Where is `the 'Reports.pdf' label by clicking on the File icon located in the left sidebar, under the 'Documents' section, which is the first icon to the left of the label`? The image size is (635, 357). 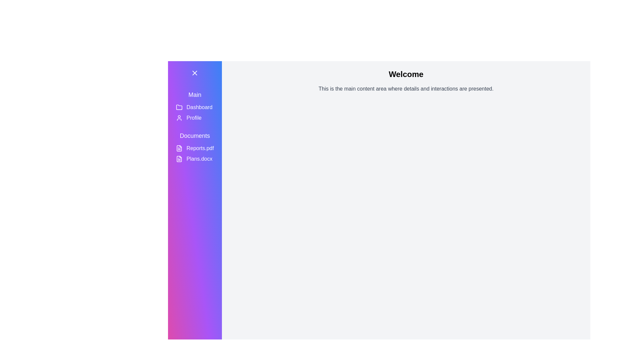 the 'Reports.pdf' label by clicking on the File icon located in the left sidebar, under the 'Documents' section, which is the first icon to the left of the label is located at coordinates (179, 148).